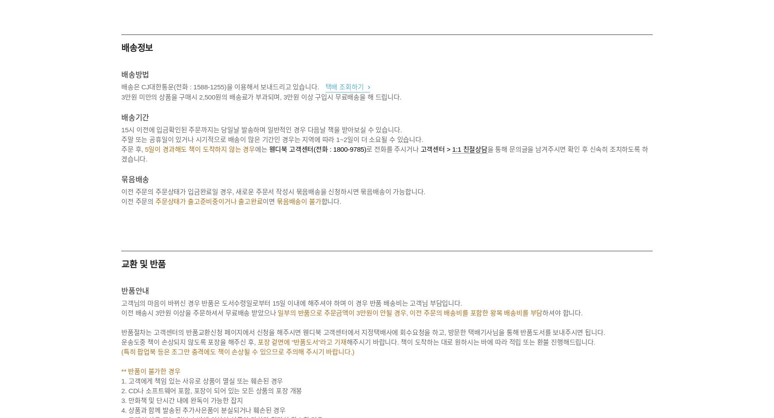 Image resolution: width=774 pixels, height=418 pixels. I want to click on '5일이 경과해도 책이 도착하지 않는 경우', so click(199, 149).